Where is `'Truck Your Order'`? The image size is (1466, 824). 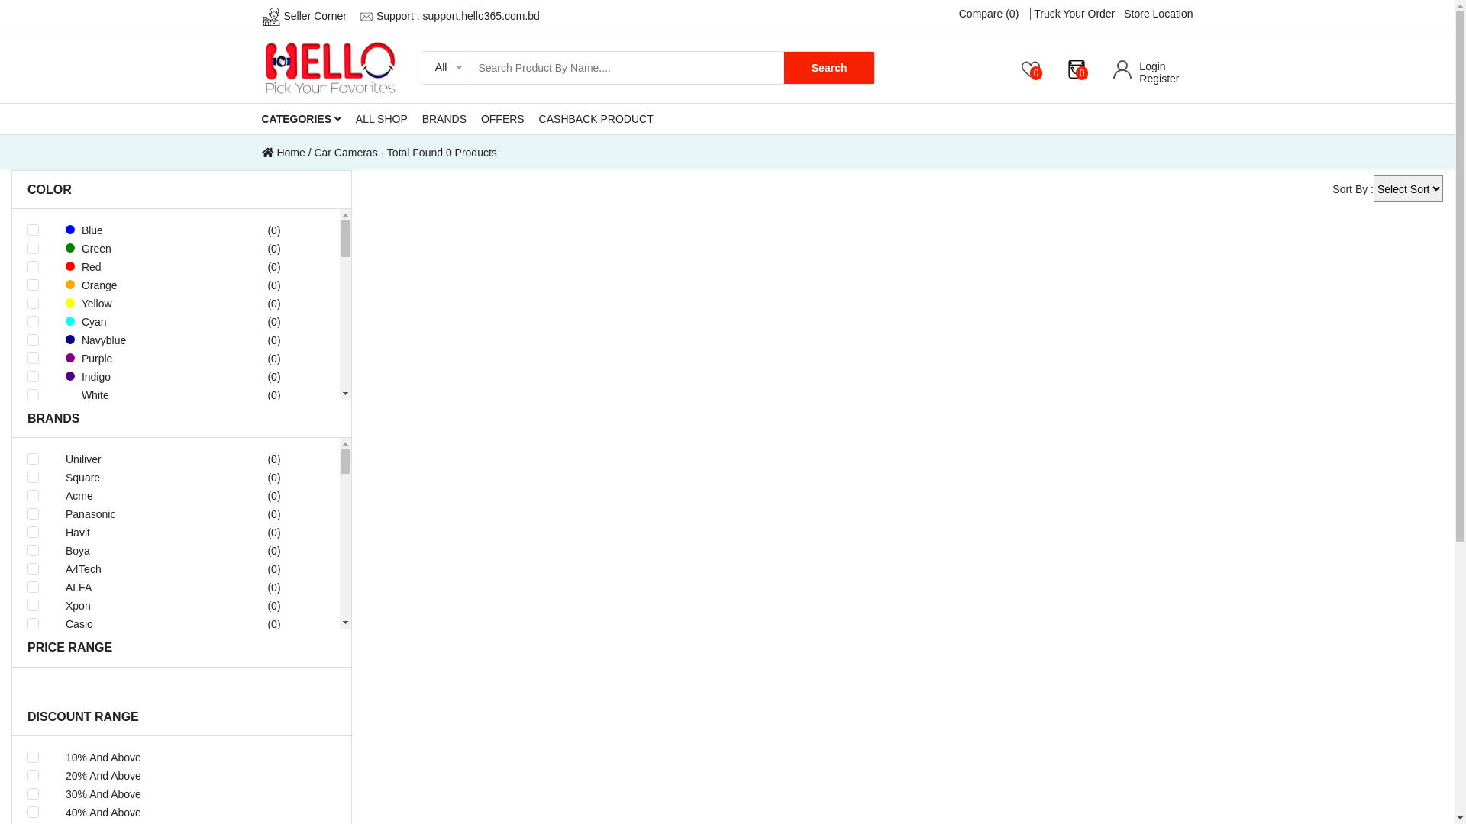
'Truck Your Order' is located at coordinates (1073, 14).